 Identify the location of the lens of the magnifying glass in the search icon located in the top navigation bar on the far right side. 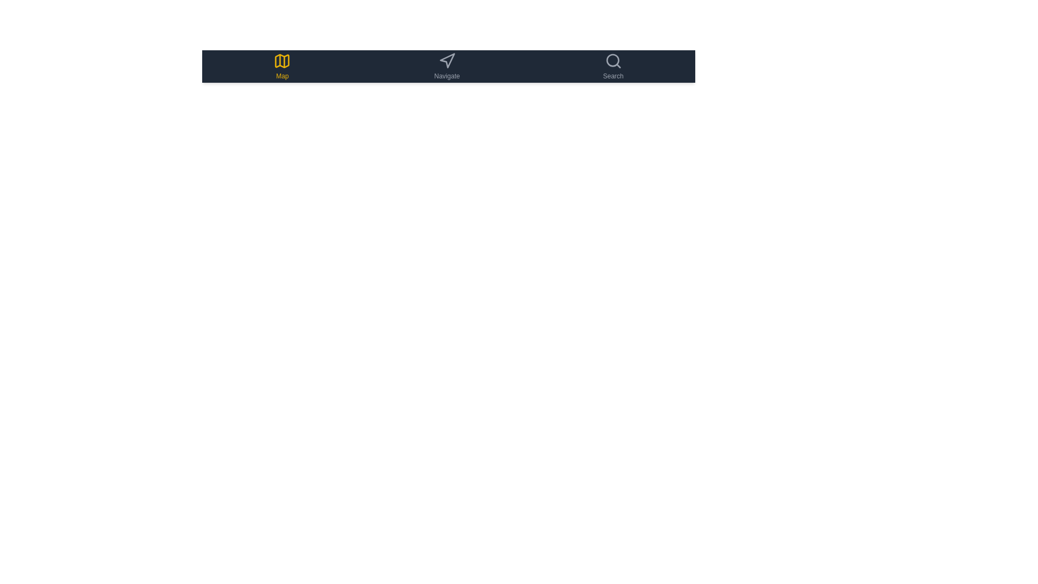
(613, 60).